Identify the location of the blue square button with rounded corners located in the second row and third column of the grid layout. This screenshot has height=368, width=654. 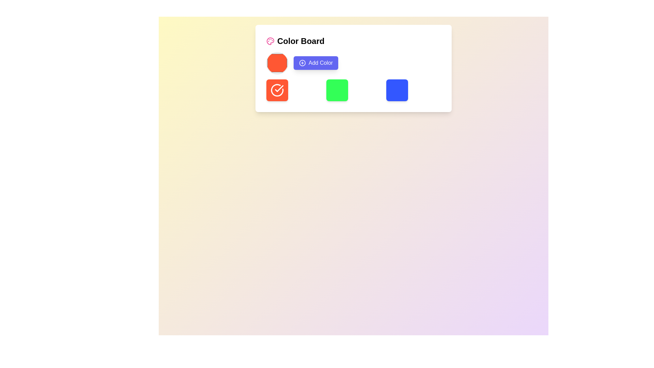
(397, 90).